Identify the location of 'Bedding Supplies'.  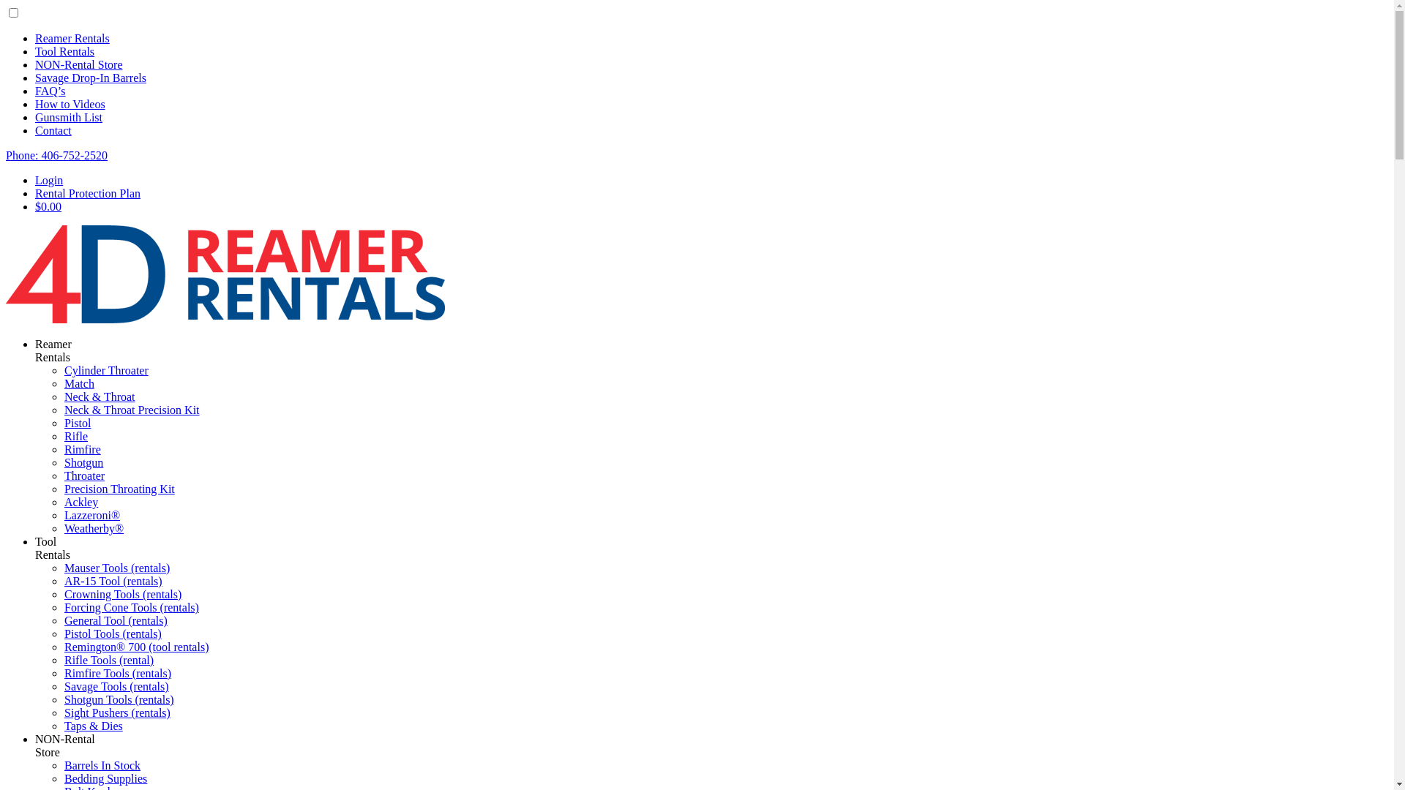
(105, 778).